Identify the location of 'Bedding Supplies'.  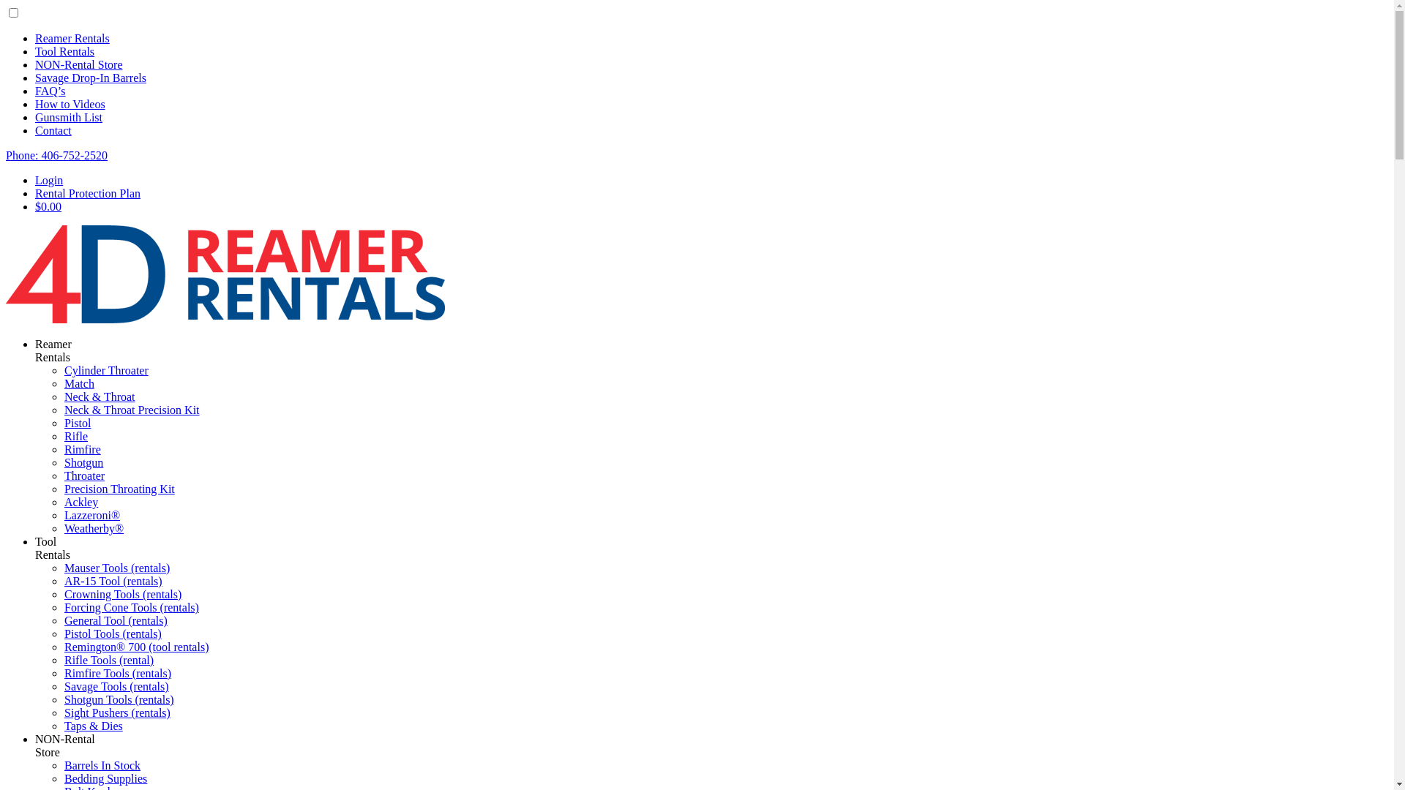
(105, 778).